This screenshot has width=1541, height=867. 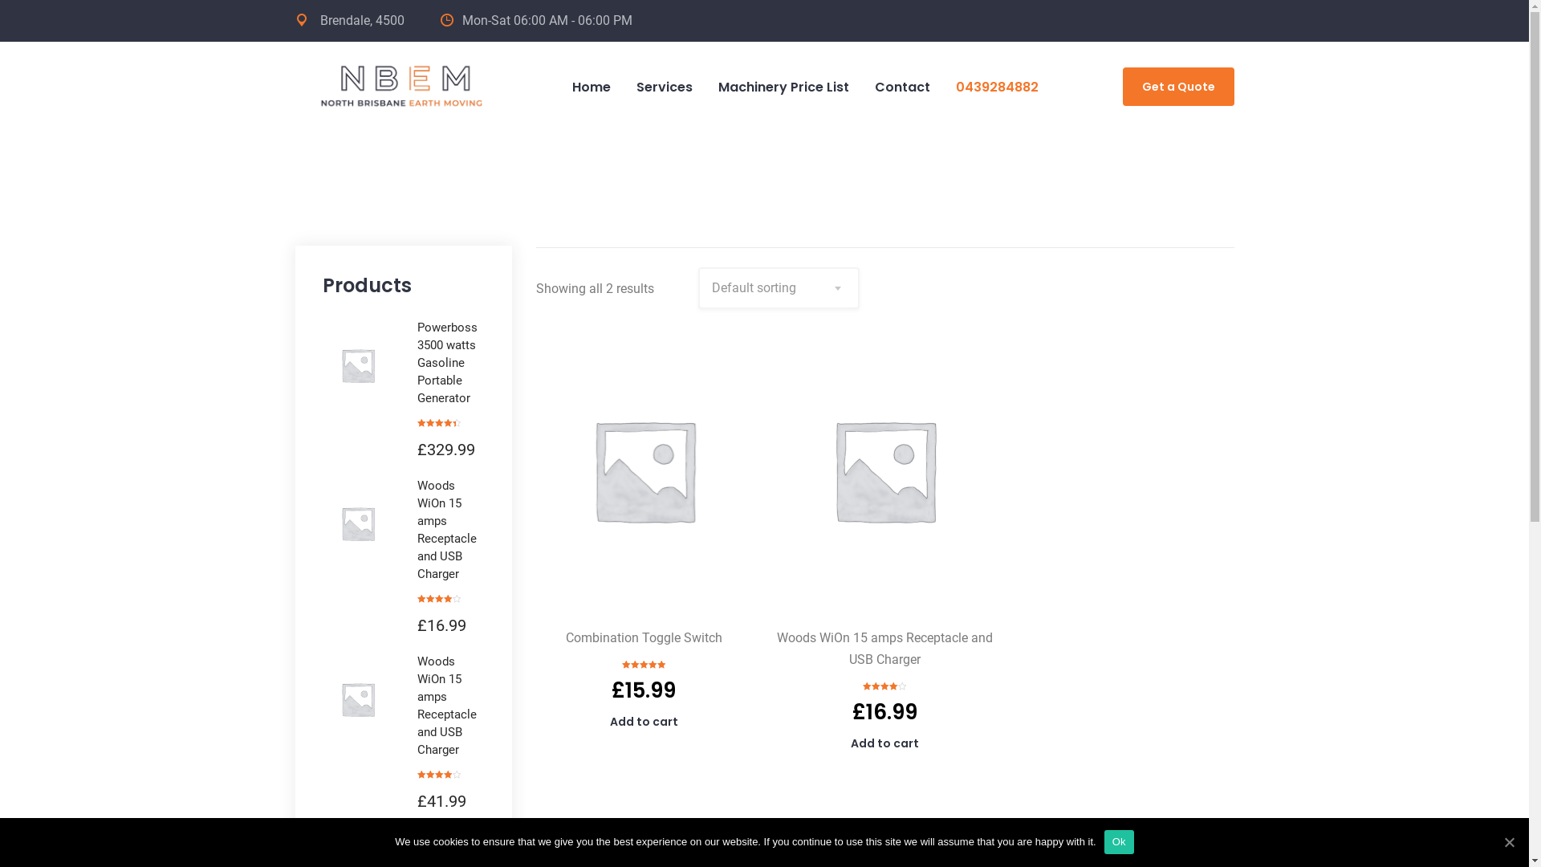 What do you see at coordinates (902, 87) in the screenshot?
I see `'Contact'` at bounding box center [902, 87].